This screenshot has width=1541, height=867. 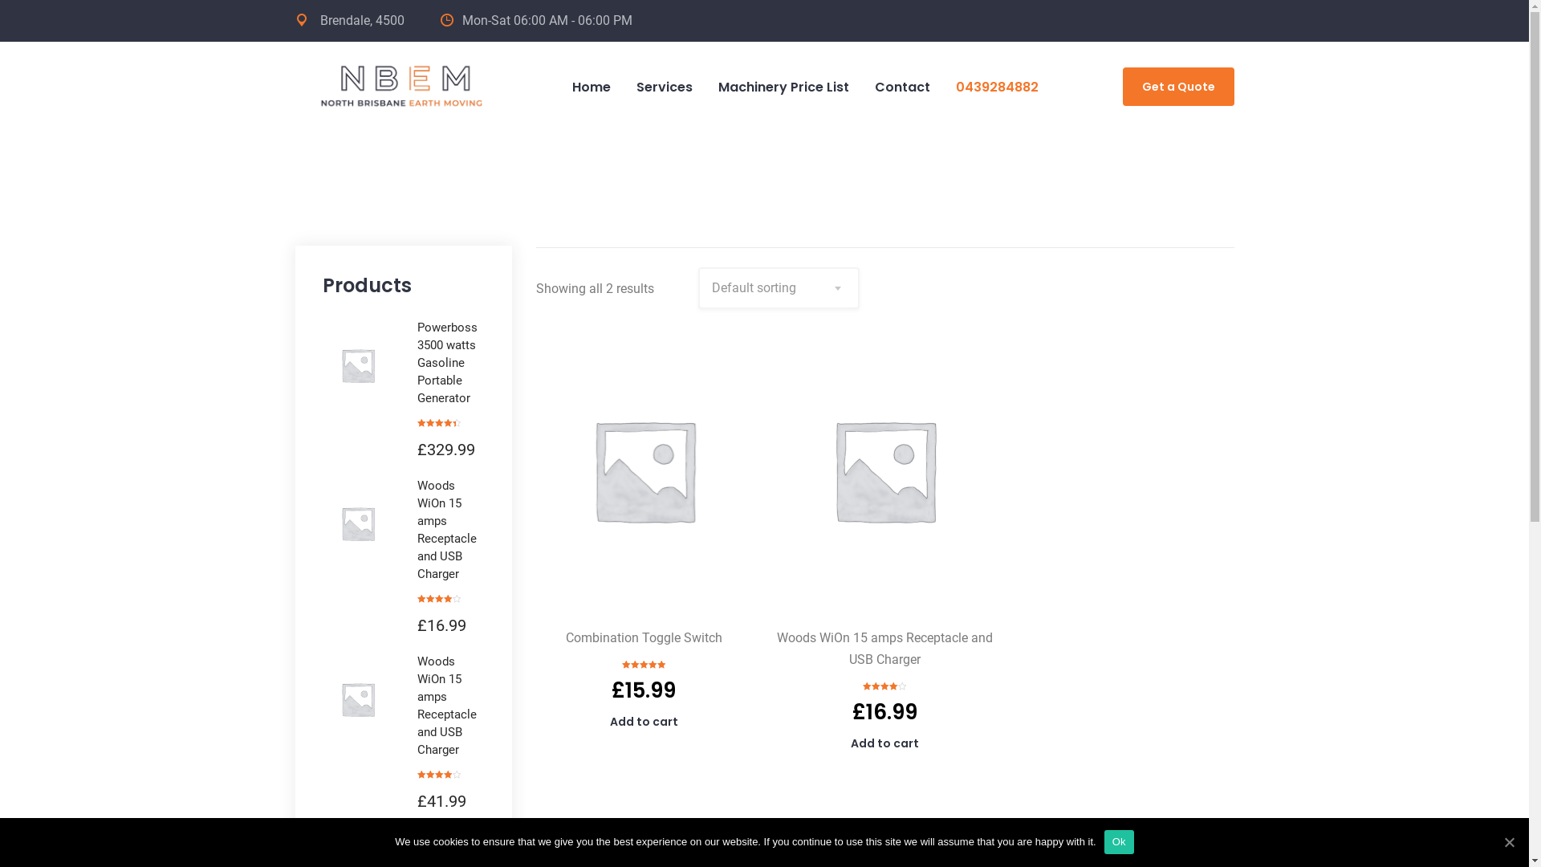 What do you see at coordinates (902, 87) in the screenshot?
I see `'Contact'` at bounding box center [902, 87].